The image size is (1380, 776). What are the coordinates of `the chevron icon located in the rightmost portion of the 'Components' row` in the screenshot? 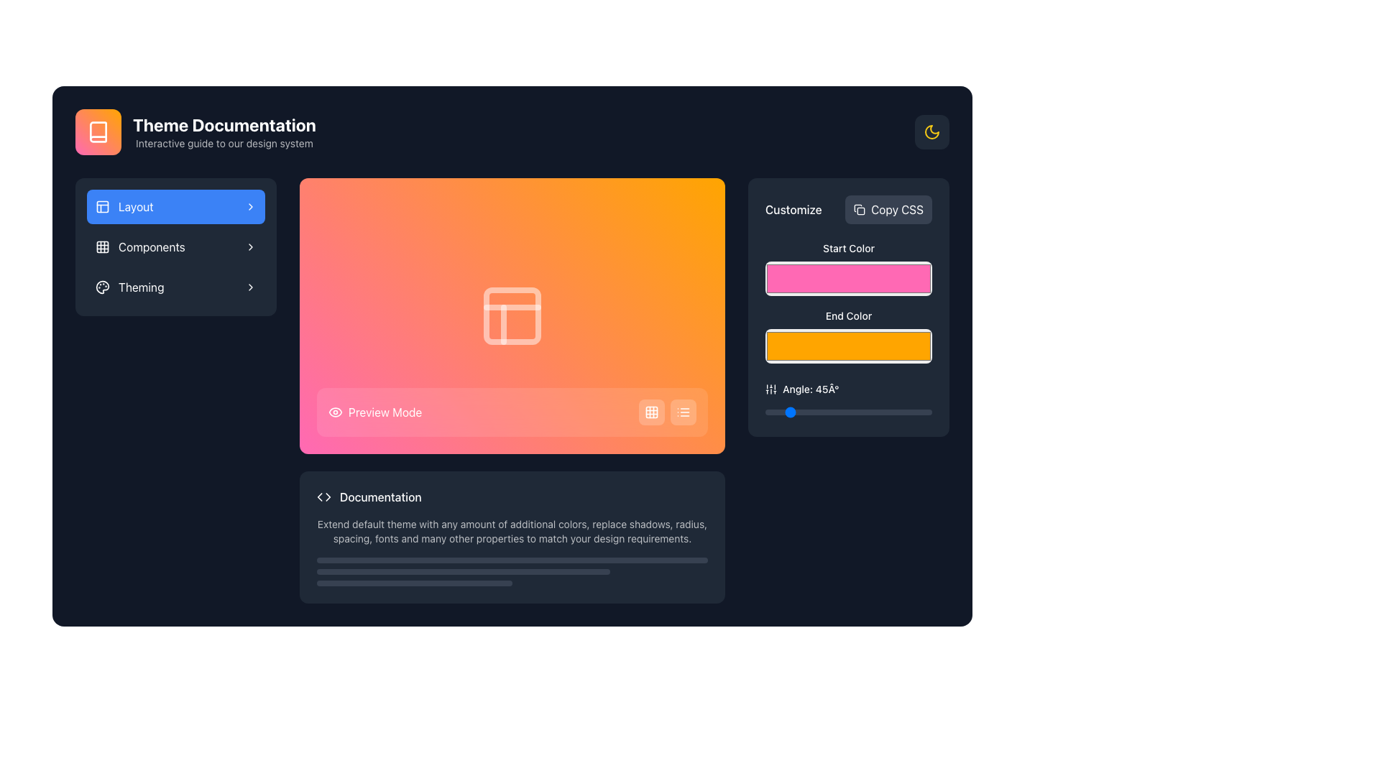 It's located at (251, 246).